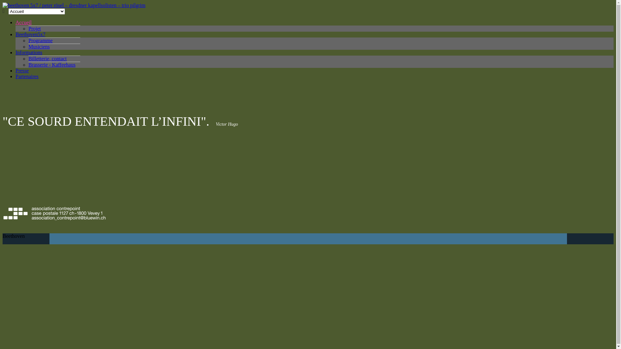  What do you see at coordinates (16, 76) in the screenshot?
I see `'Partenaires'` at bounding box center [16, 76].